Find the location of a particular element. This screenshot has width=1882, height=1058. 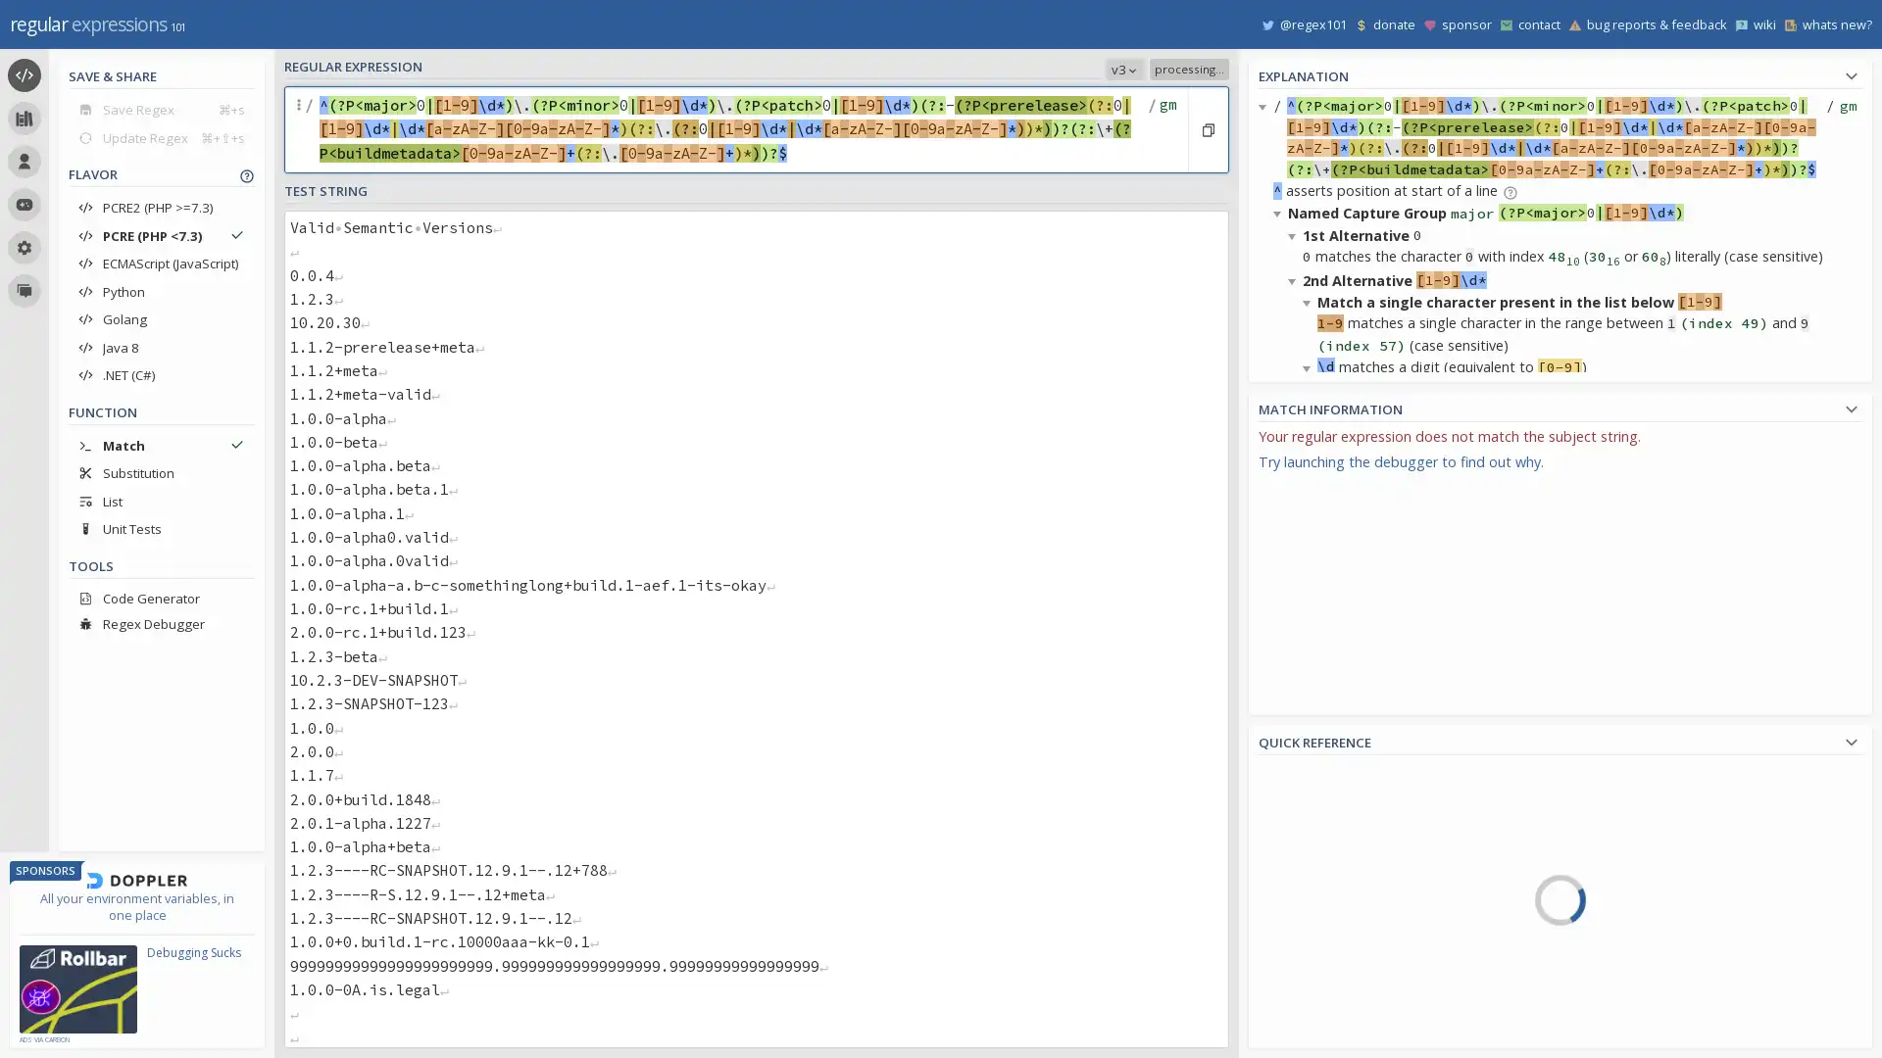

Group patch is located at coordinates (1311, 879).